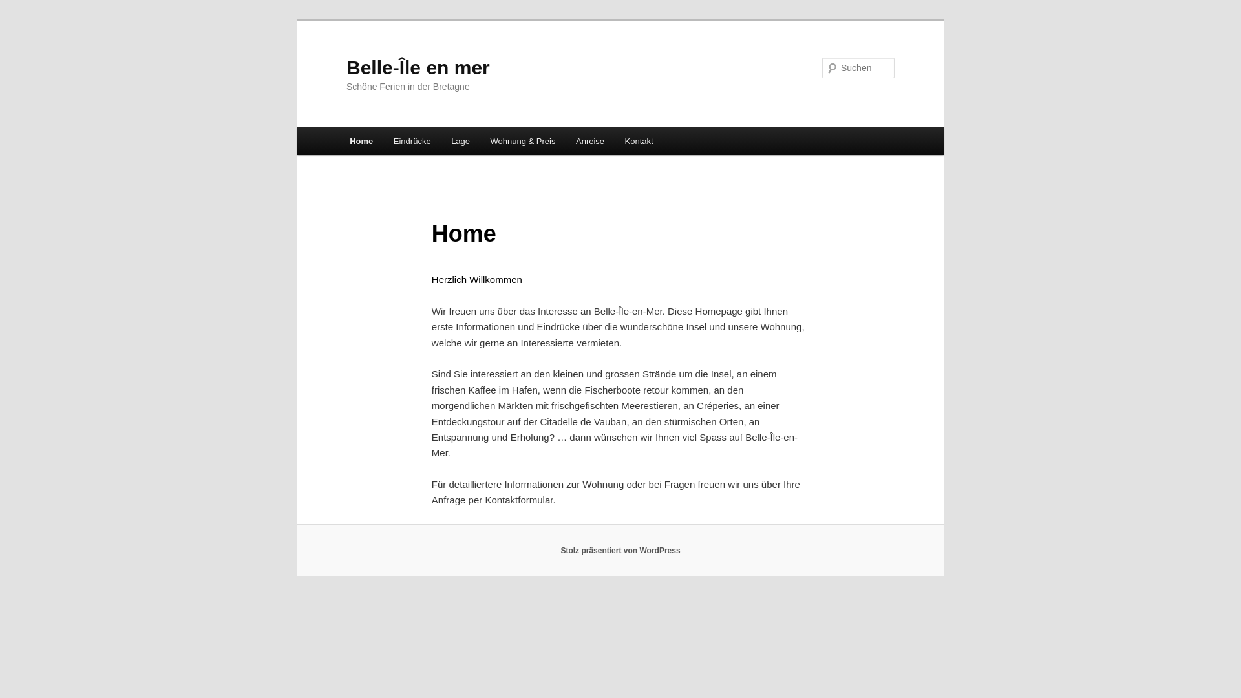 The width and height of the screenshot is (1241, 698). I want to click on 'Home', so click(361, 141).